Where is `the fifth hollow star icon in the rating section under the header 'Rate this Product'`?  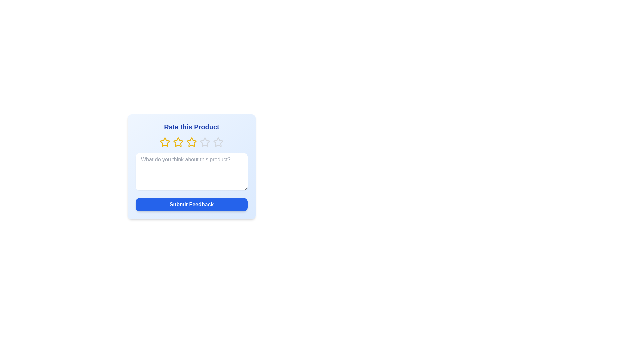 the fifth hollow star icon in the rating section under the header 'Rate this Product' is located at coordinates (218, 142).